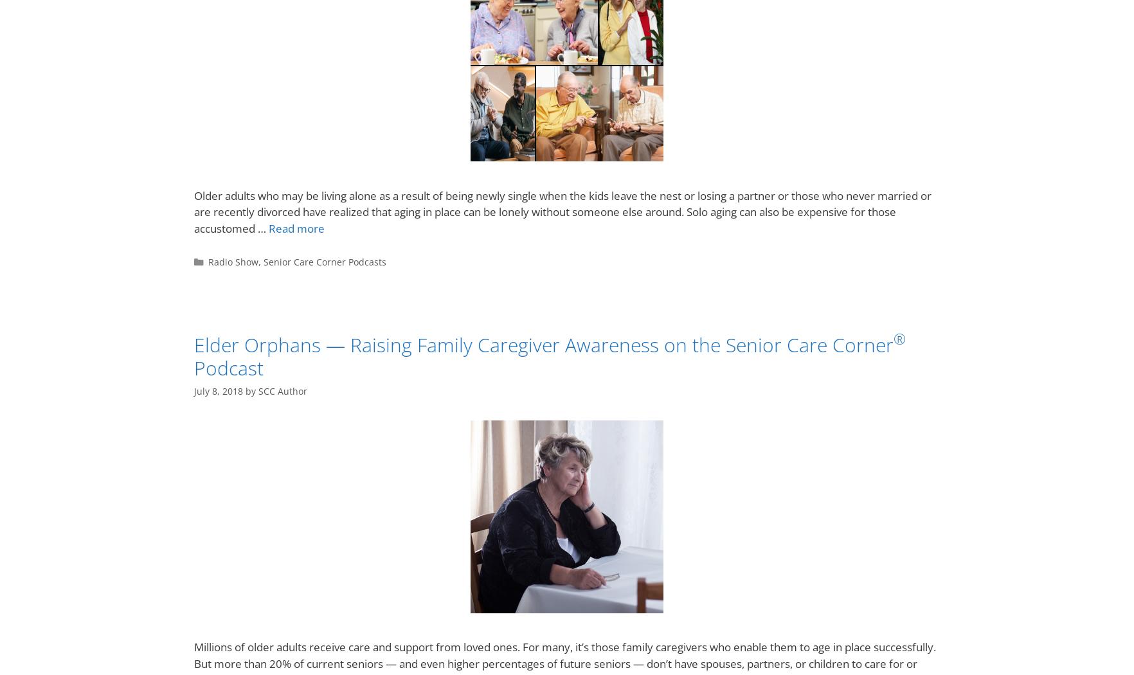 The height and width of the screenshot is (675, 1134). Describe the element at coordinates (232, 262) in the screenshot. I see `'Radio Show'` at that location.